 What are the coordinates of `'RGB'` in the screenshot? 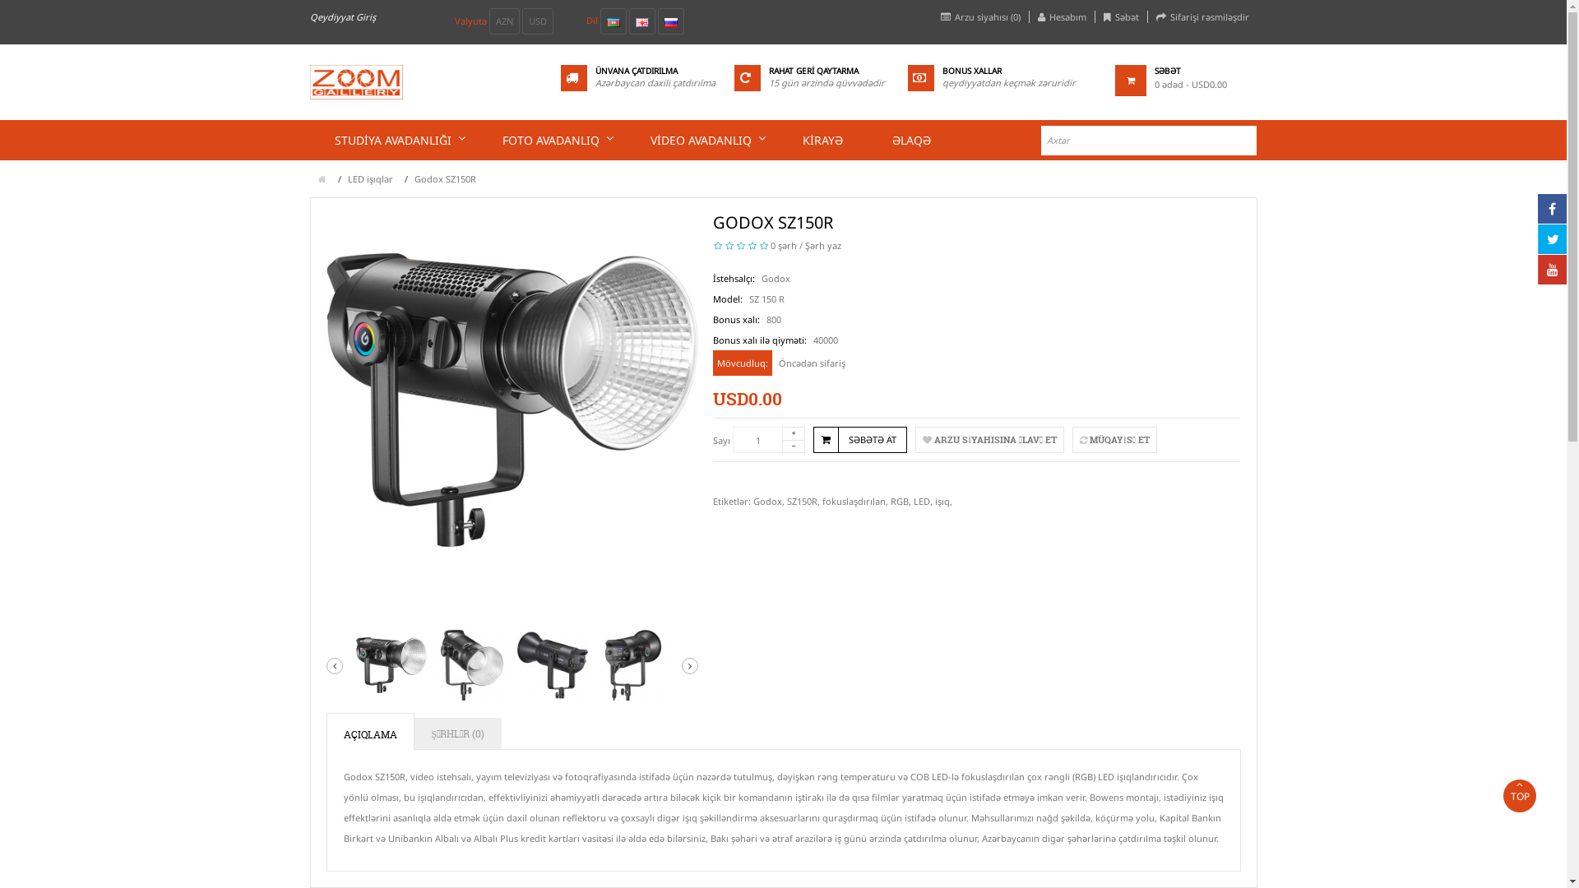 It's located at (899, 500).